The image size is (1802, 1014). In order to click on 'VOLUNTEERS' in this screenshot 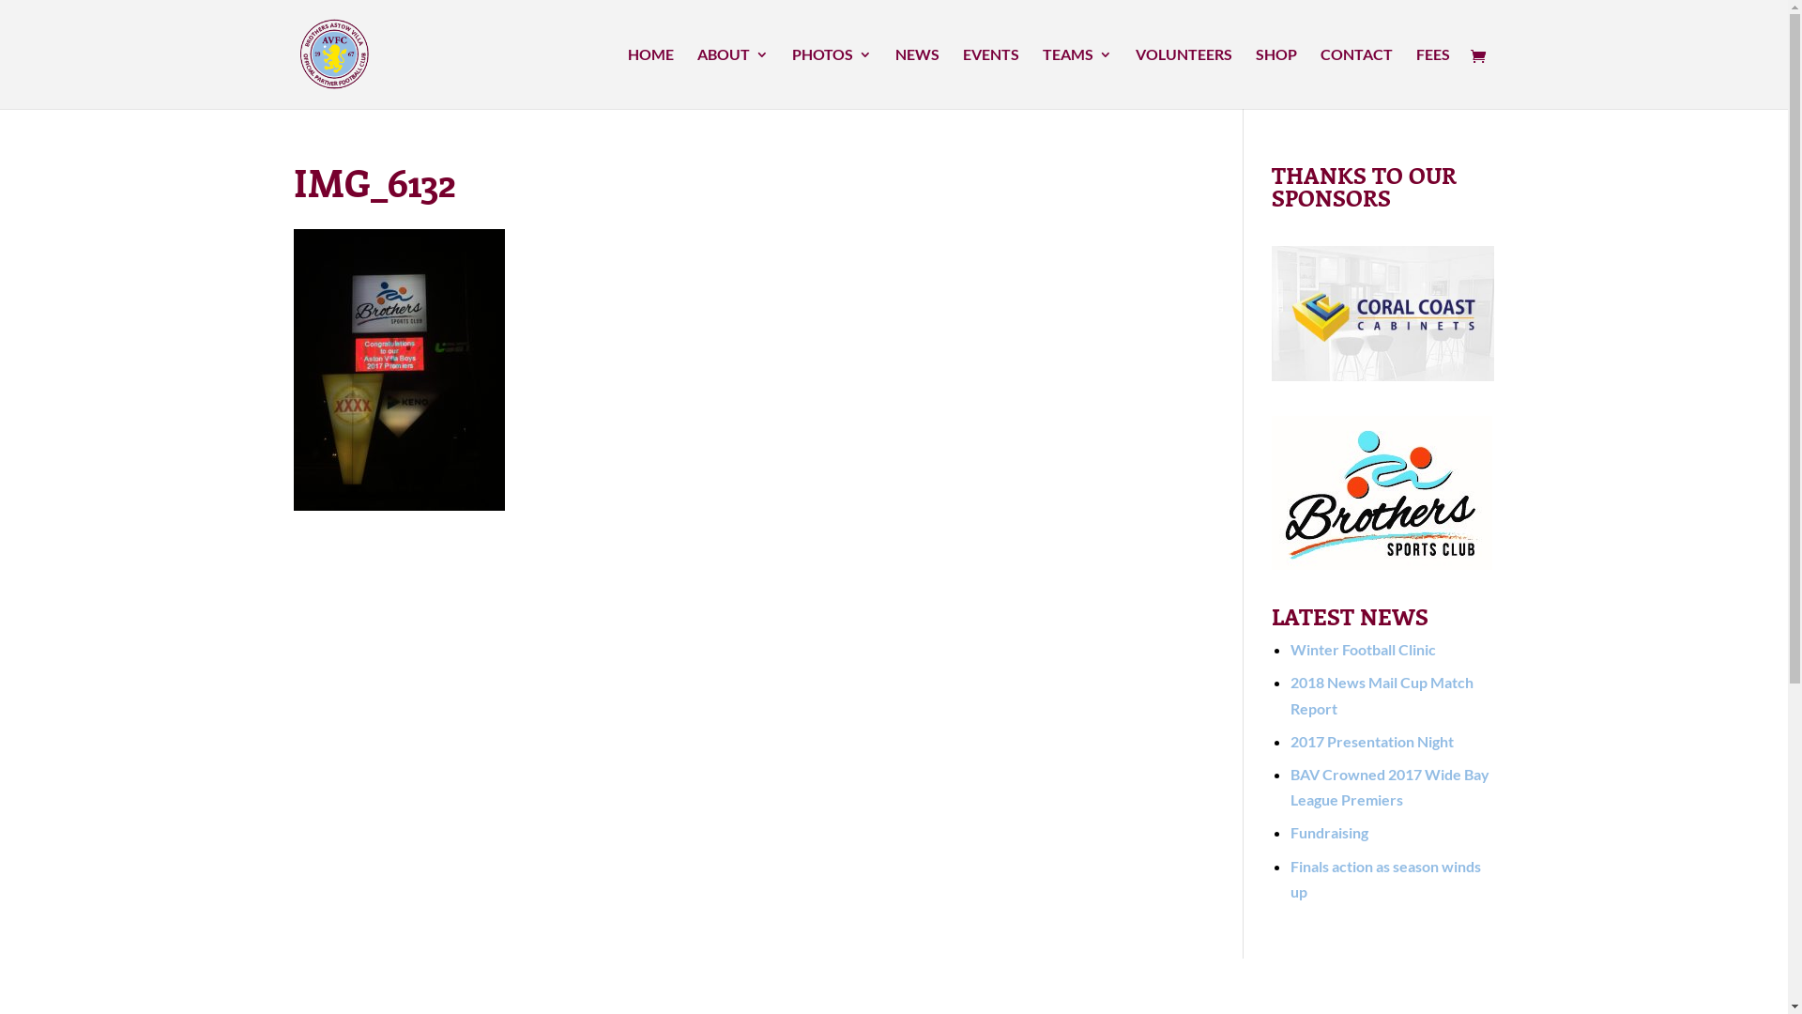, I will do `click(1183, 77)`.